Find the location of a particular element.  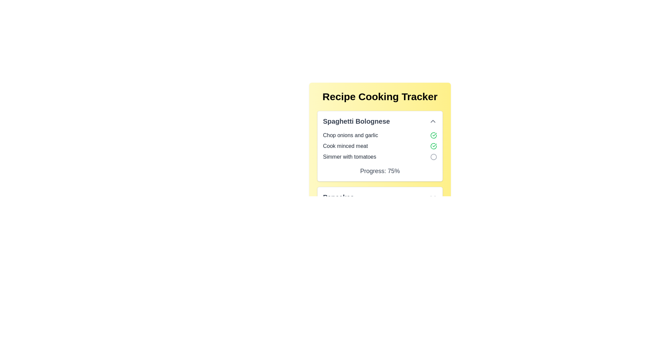

the text label displaying 'Progress: 75%' located below the last step in the 'Spaghetti Bolognese' section of the cooking tracker UI is located at coordinates (380, 171).